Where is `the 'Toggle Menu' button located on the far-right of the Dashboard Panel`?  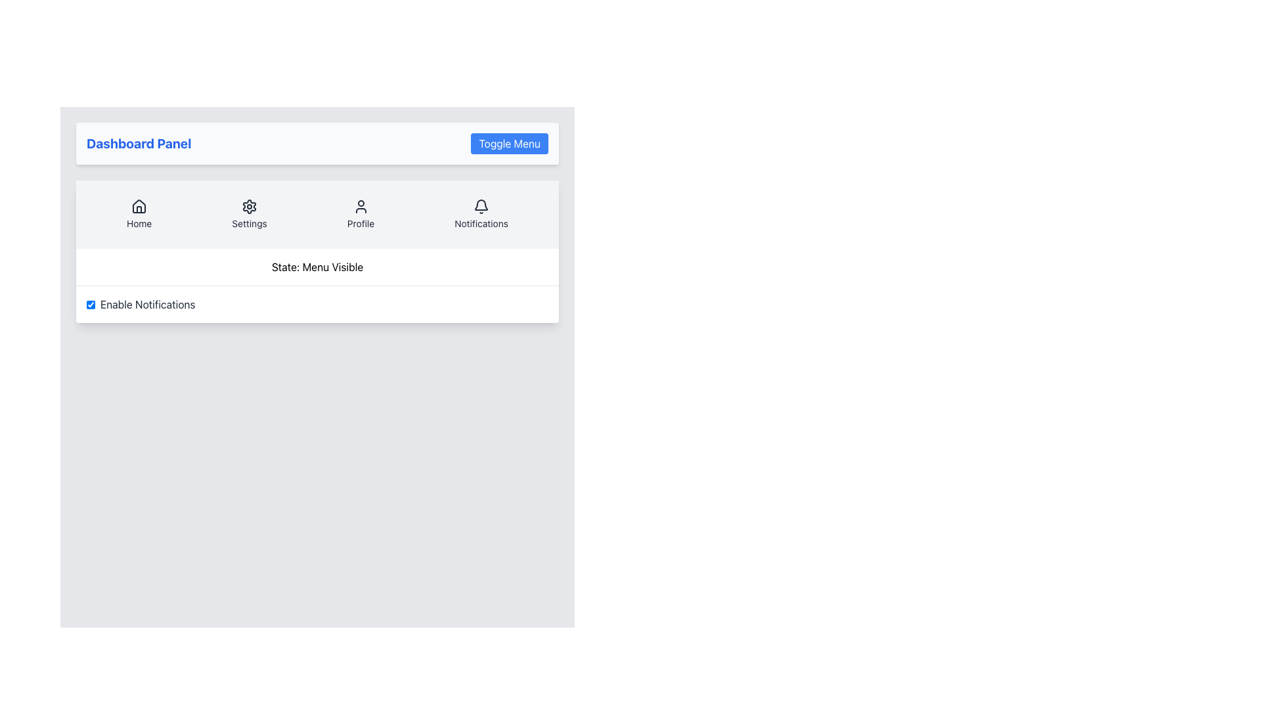
the 'Toggle Menu' button located on the far-right of the Dashboard Panel is located at coordinates (509, 144).